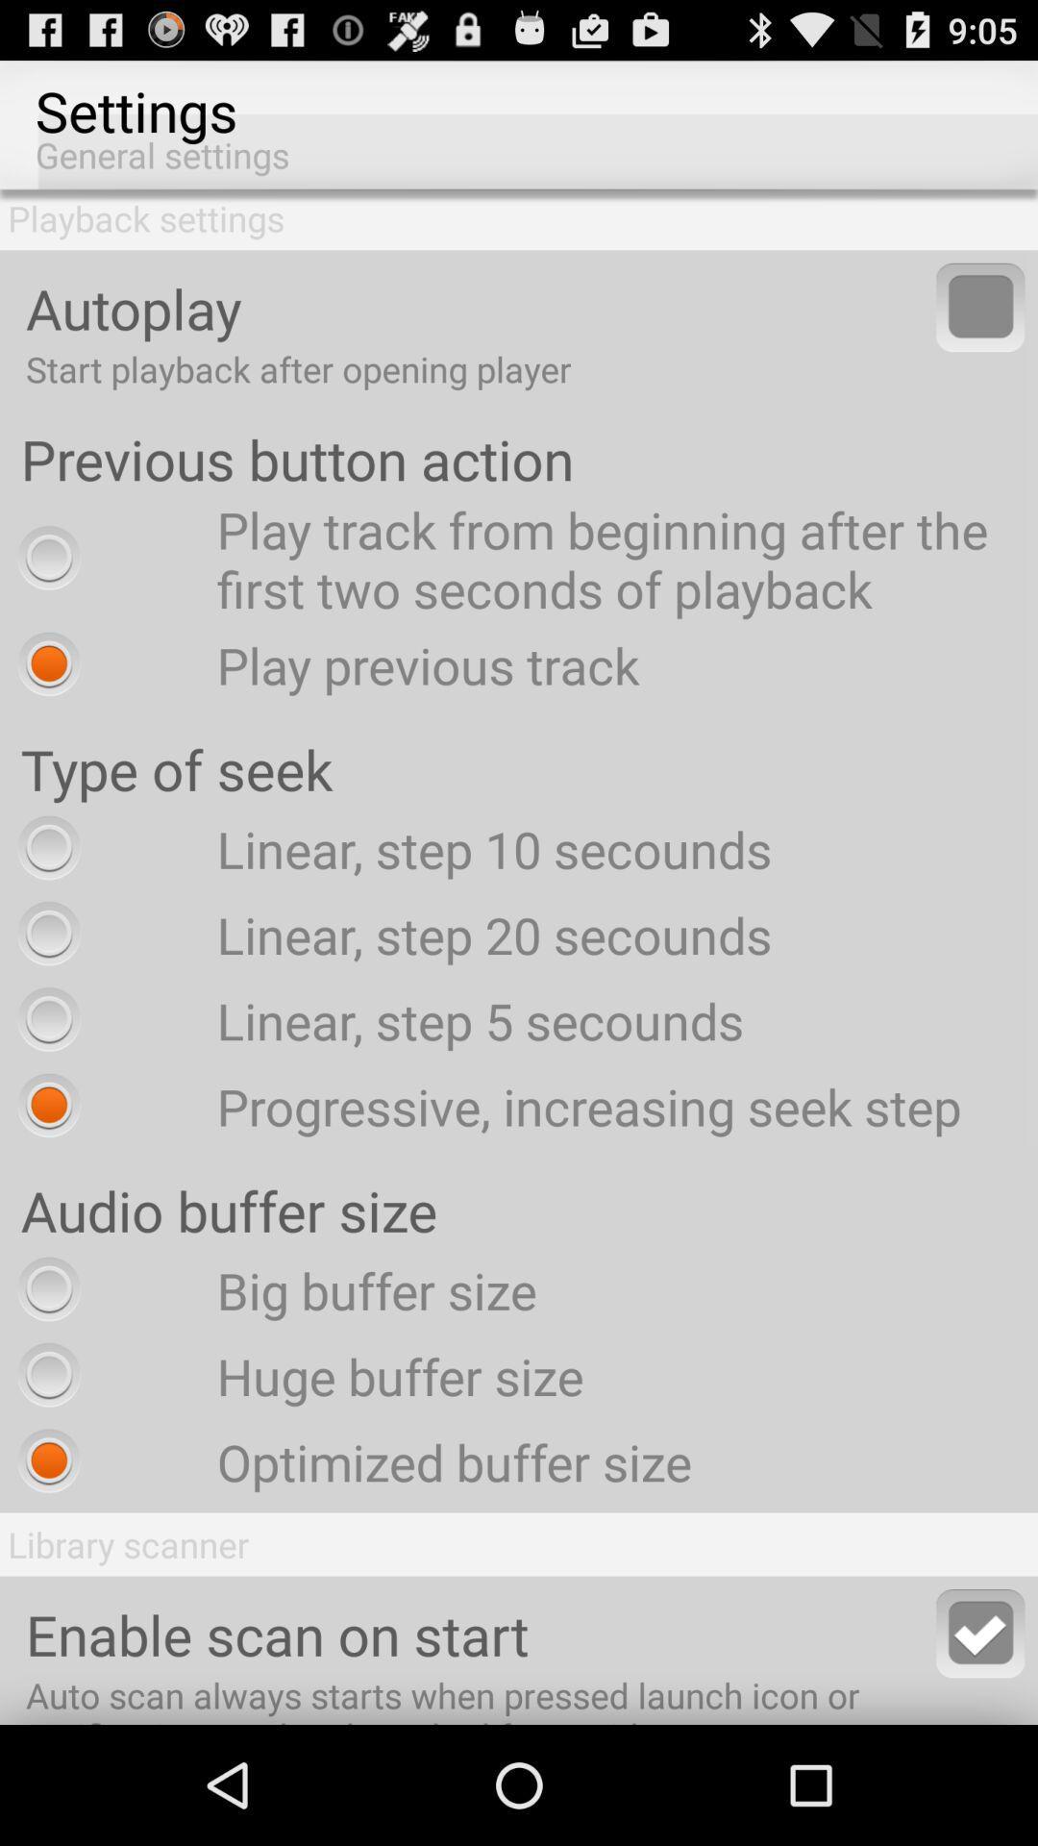  I want to click on autoplay switch, so click(980, 306).